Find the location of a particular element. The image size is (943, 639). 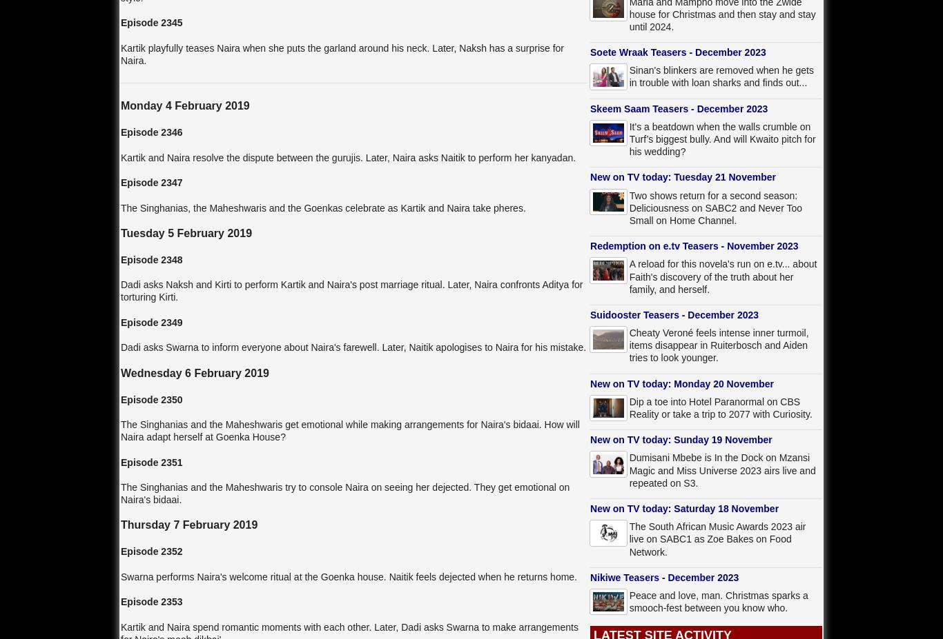

'Two shows return for a second season: Deliciousness on SABC2 and Never Too Small on Home Channel.' is located at coordinates (714, 207).